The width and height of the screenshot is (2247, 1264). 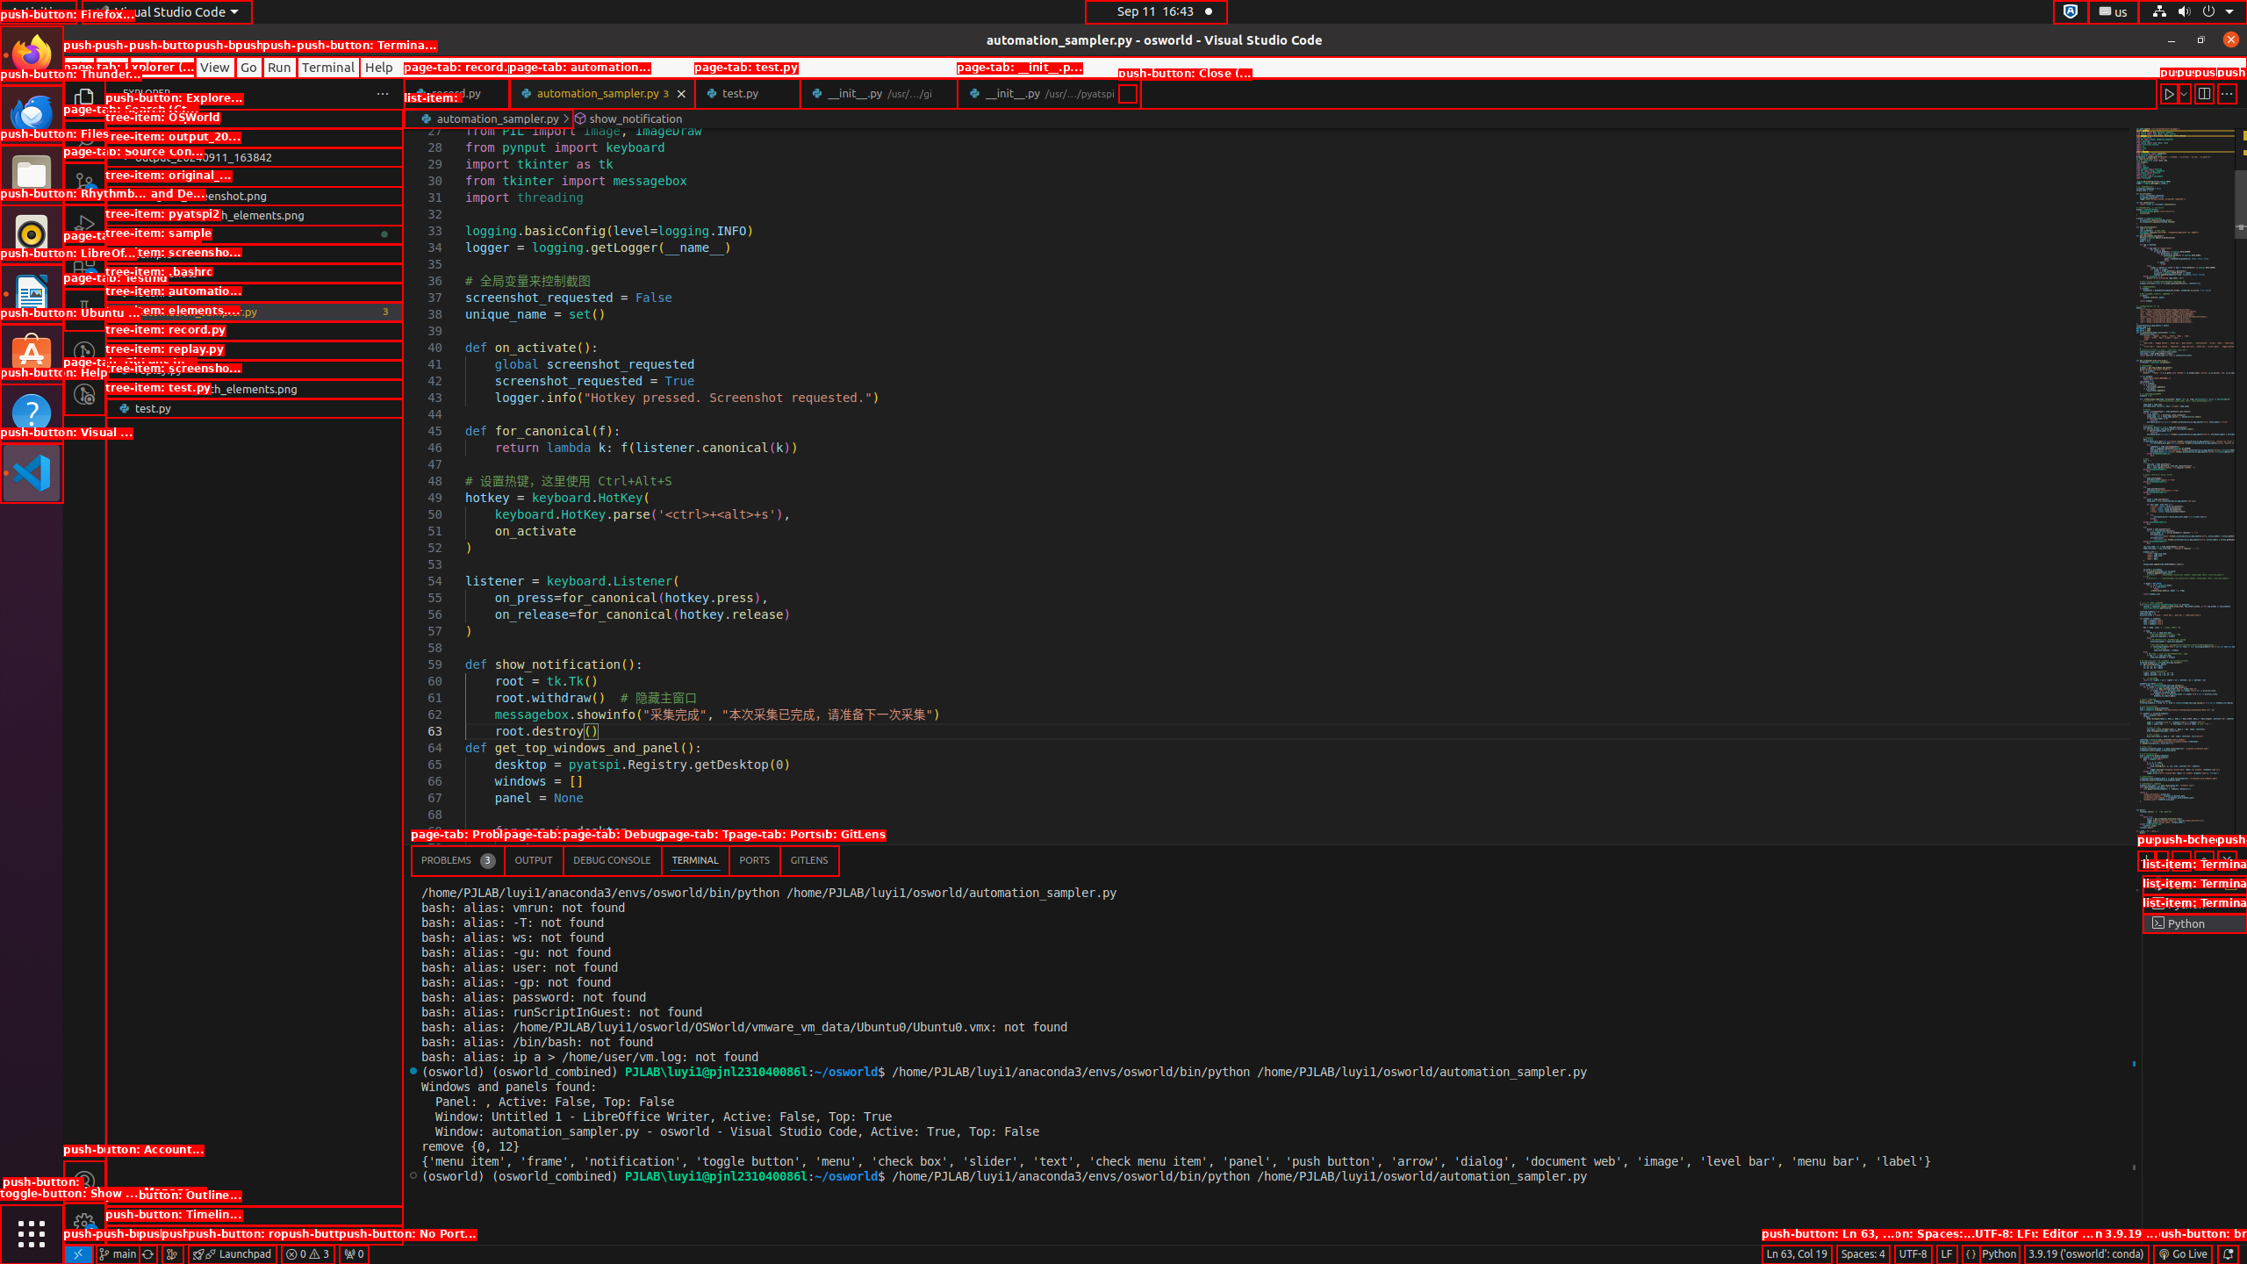 I want to click on 'OSWorld (Git) - main, Checkout Branch/Tag...', so click(x=117, y=1253).